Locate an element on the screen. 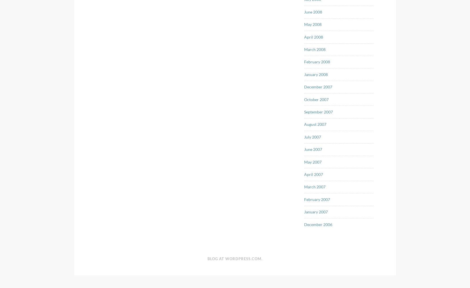 This screenshot has height=288, width=470. 'October 2007' is located at coordinates (316, 99).